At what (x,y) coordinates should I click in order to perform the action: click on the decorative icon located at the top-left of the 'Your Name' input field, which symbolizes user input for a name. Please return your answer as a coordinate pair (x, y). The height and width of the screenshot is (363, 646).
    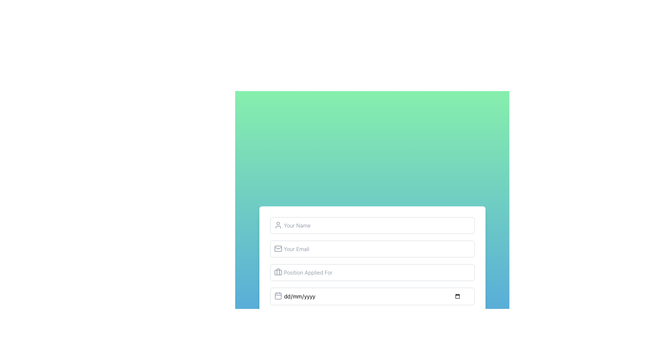
    Looking at the image, I should click on (278, 225).